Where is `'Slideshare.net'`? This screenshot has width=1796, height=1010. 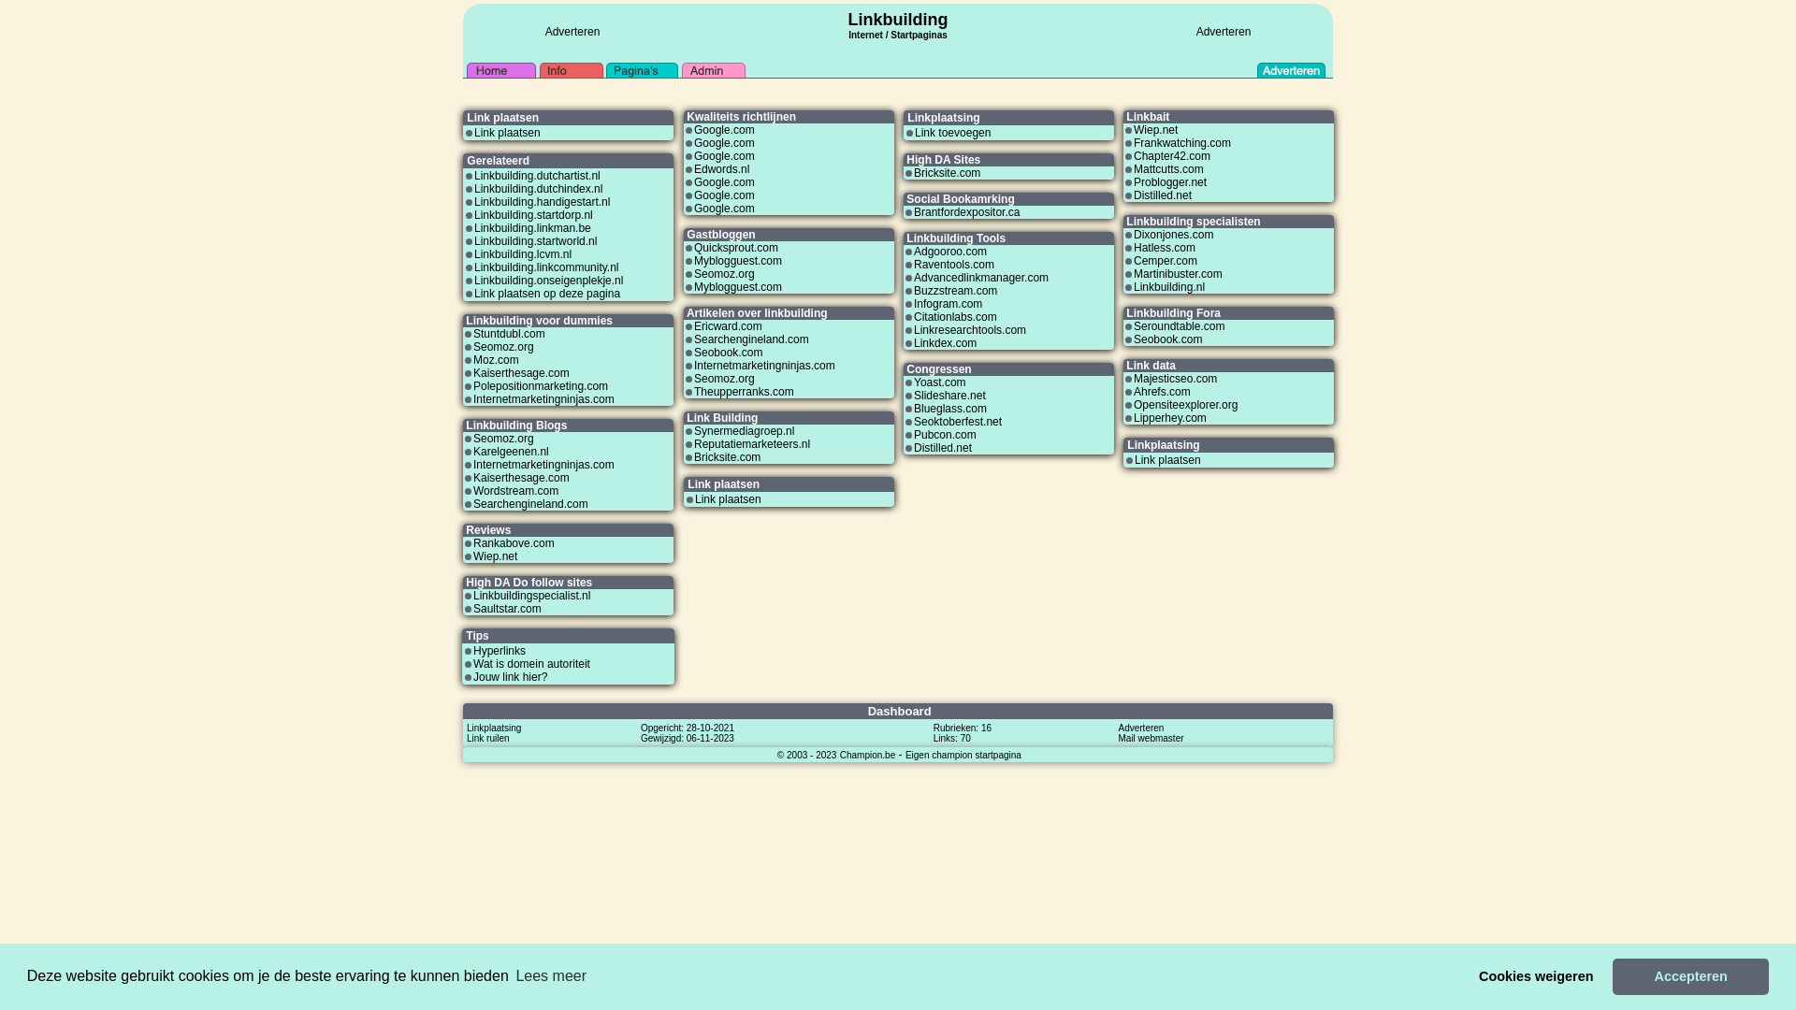 'Slideshare.net' is located at coordinates (949, 395).